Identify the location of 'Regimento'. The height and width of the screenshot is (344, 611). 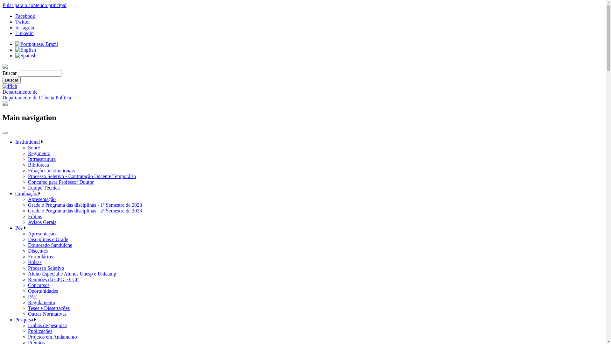
(39, 153).